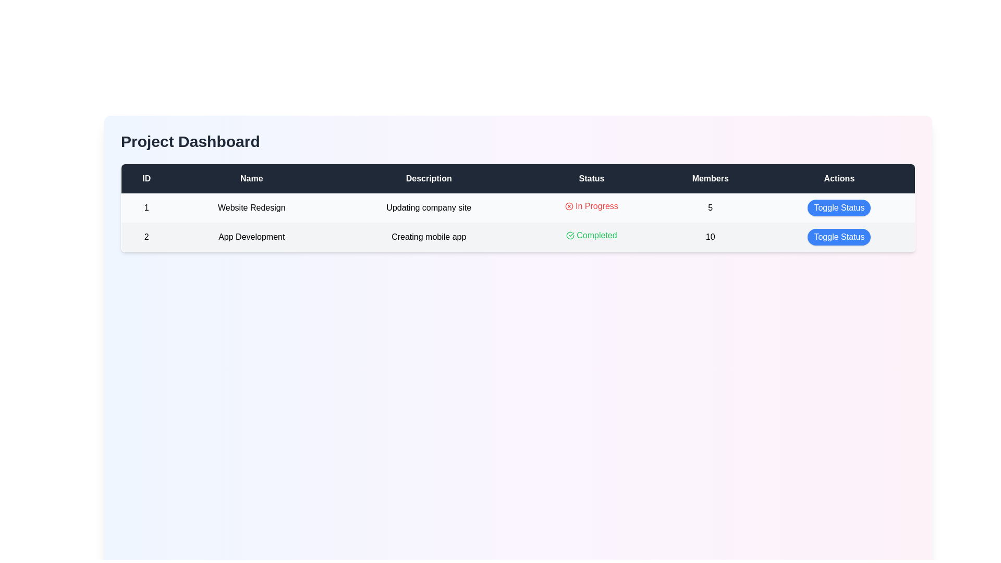 This screenshot has height=563, width=1001. I want to click on the labels in the Table Header Row located at the top of the data table, so click(518, 178).